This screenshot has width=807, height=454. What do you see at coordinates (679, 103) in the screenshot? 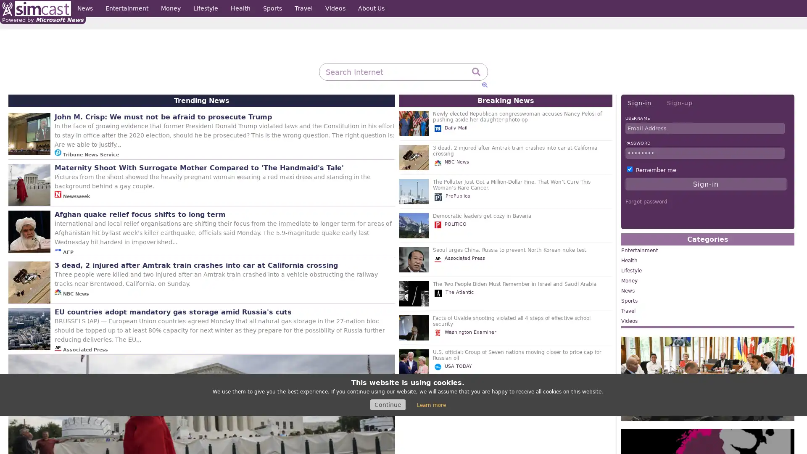
I see `Sign-up` at bounding box center [679, 103].